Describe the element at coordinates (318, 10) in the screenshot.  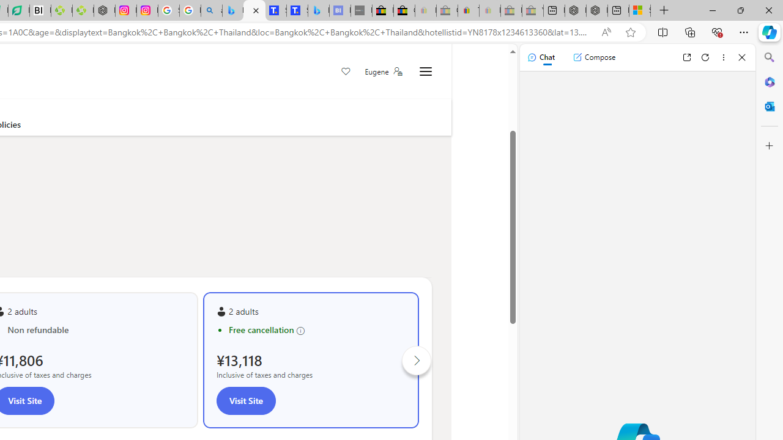
I see `'Microsoft Bing Travel - Shangri-La Hotel Bangkok'` at that location.